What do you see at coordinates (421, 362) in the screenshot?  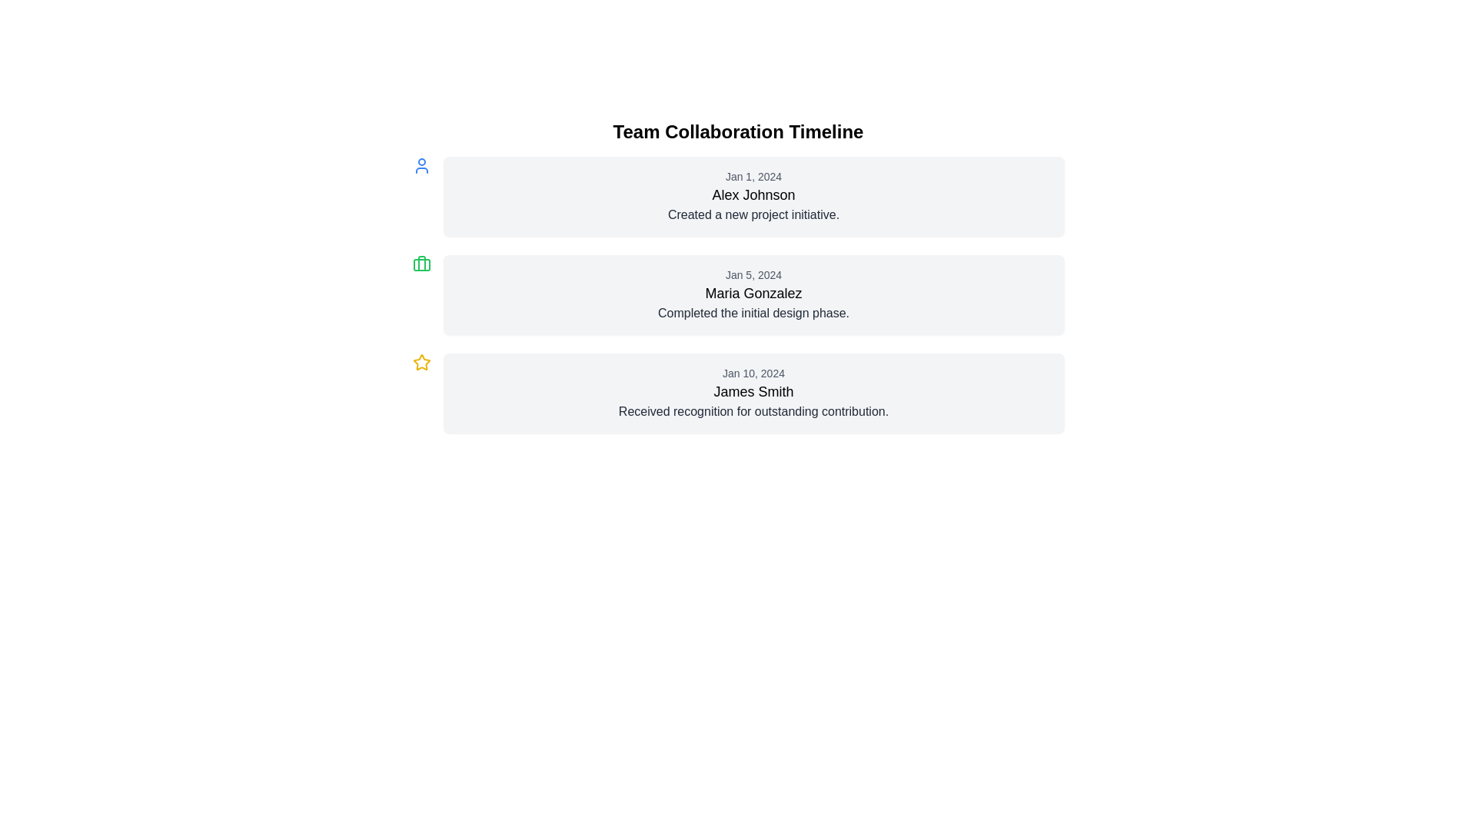 I see `the star icon with a yellow outline located to the left of the recognition event for 'James Smith' dated Jan 10, 2024 in the vertical timeline interface` at bounding box center [421, 362].